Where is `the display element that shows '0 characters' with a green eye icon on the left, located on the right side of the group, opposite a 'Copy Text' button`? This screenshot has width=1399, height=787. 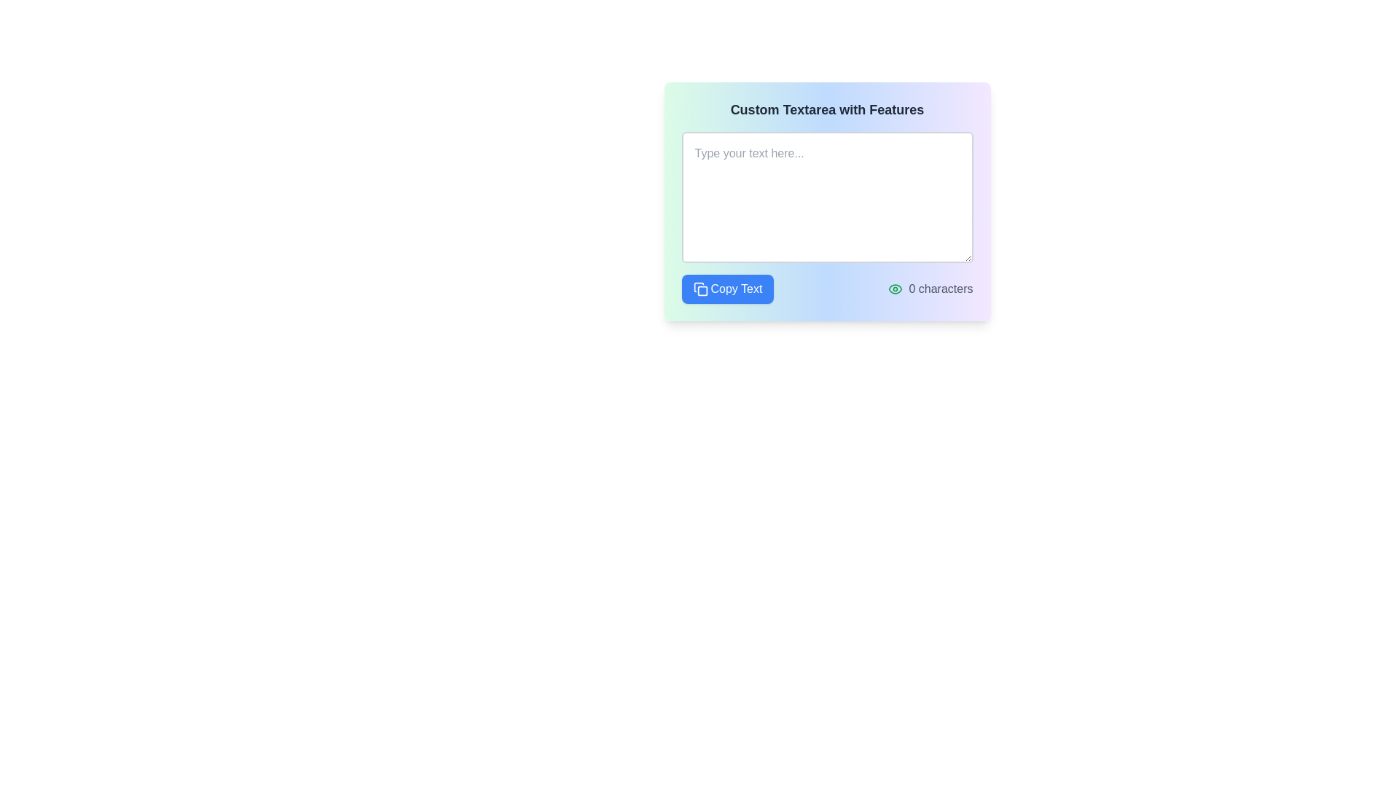
the display element that shows '0 characters' with a green eye icon on the left, located on the right side of the group, opposite a 'Copy Text' button is located at coordinates (930, 289).